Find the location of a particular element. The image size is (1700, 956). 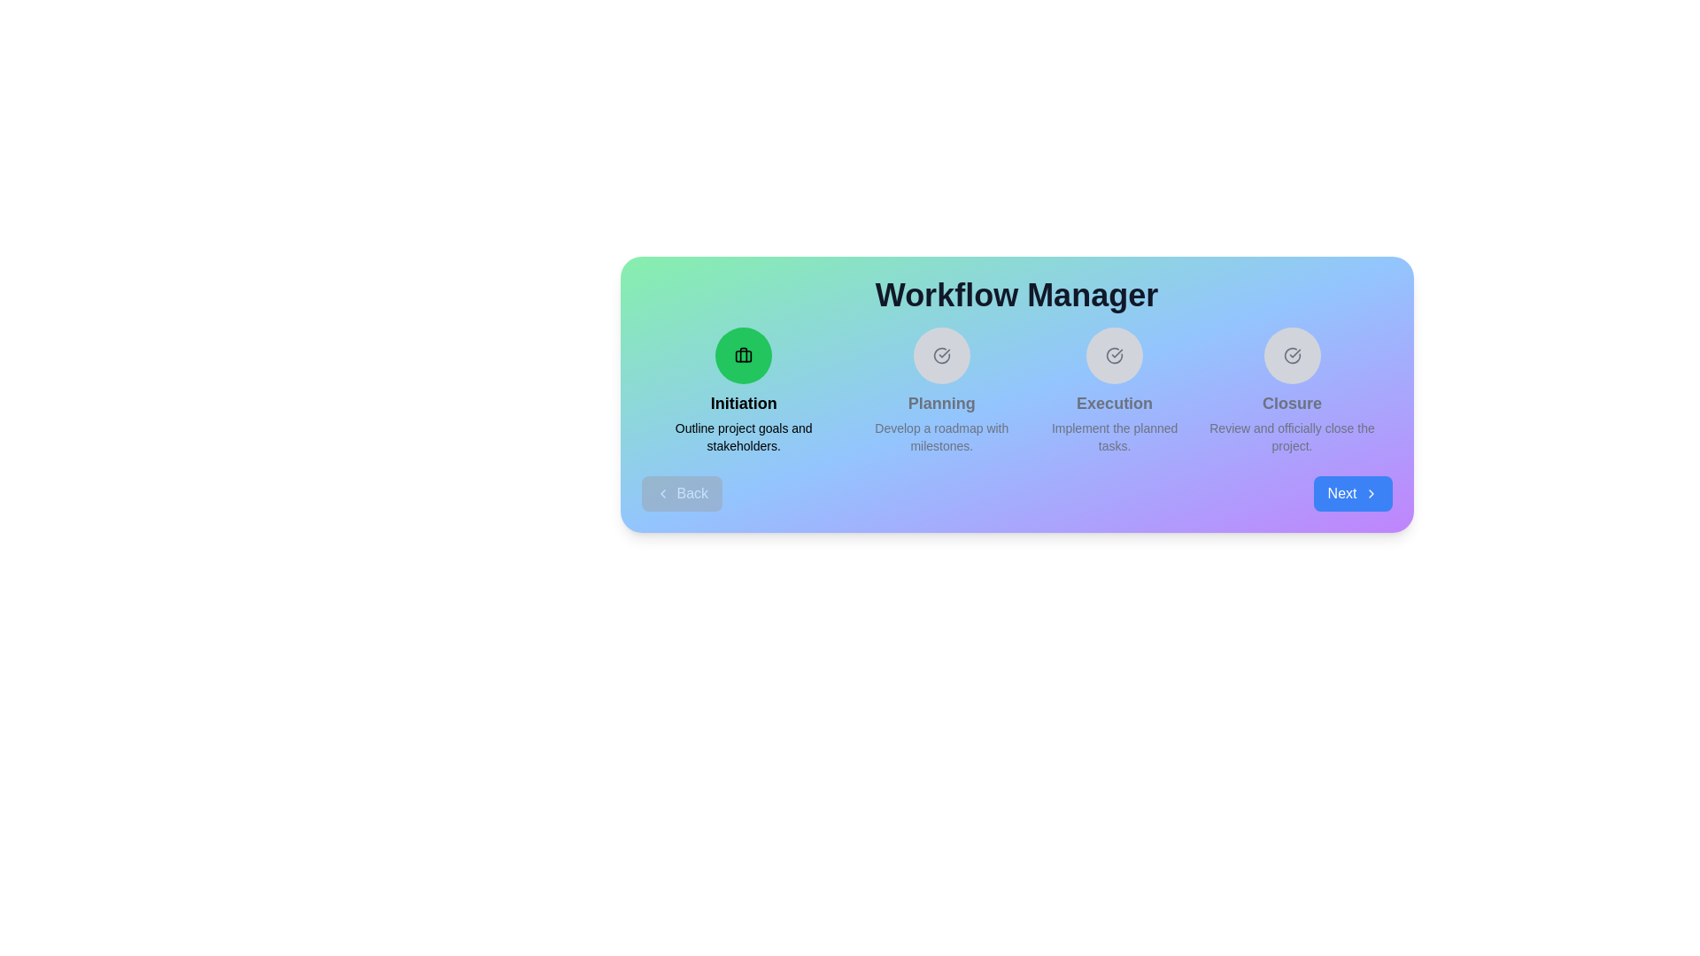

Back button to navigate through the steps is located at coordinates (681, 494).